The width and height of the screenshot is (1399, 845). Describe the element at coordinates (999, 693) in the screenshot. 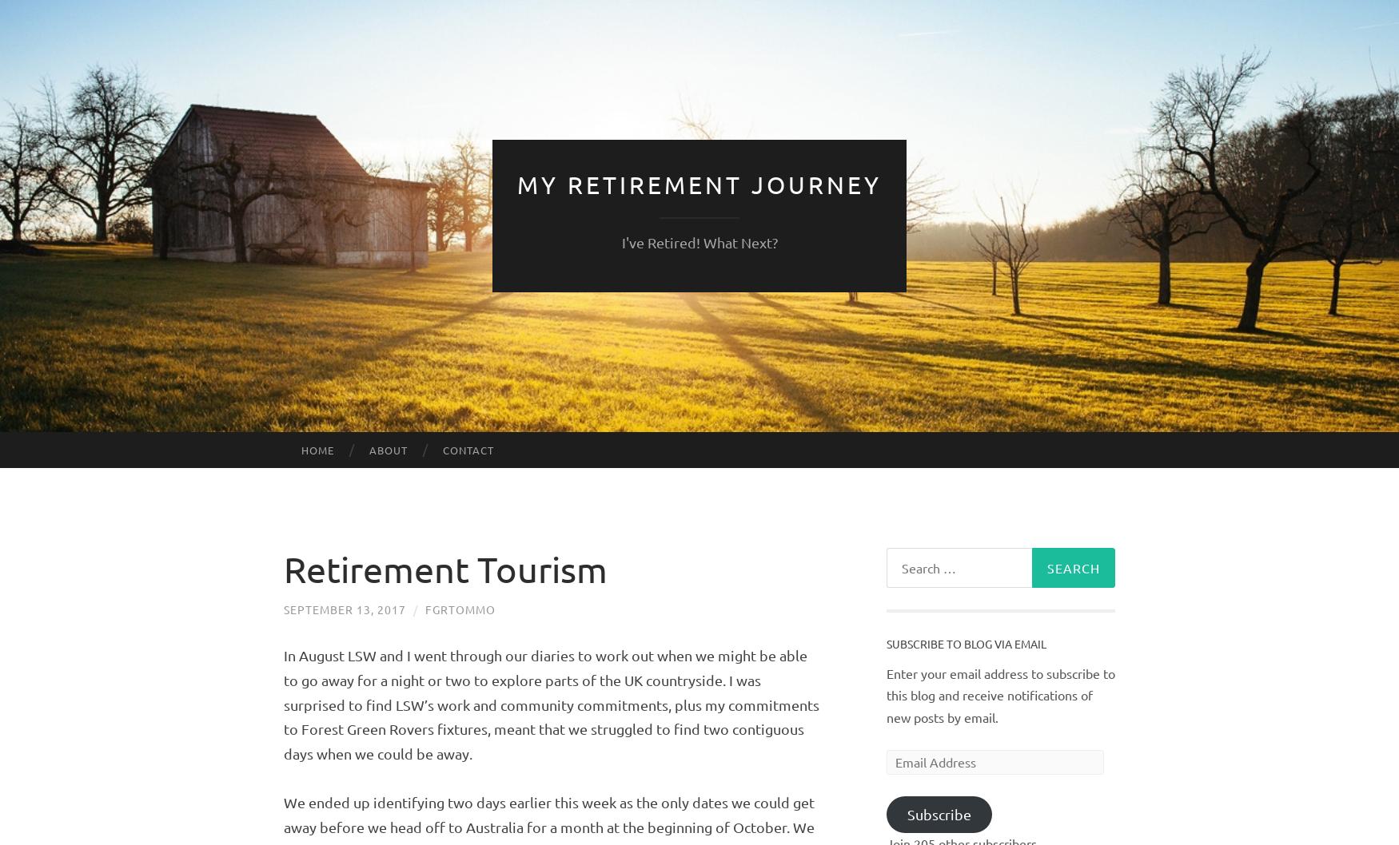

I see `'Enter your email address to subscribe to this blog and receive notifications of new posts by email.'` at that location.